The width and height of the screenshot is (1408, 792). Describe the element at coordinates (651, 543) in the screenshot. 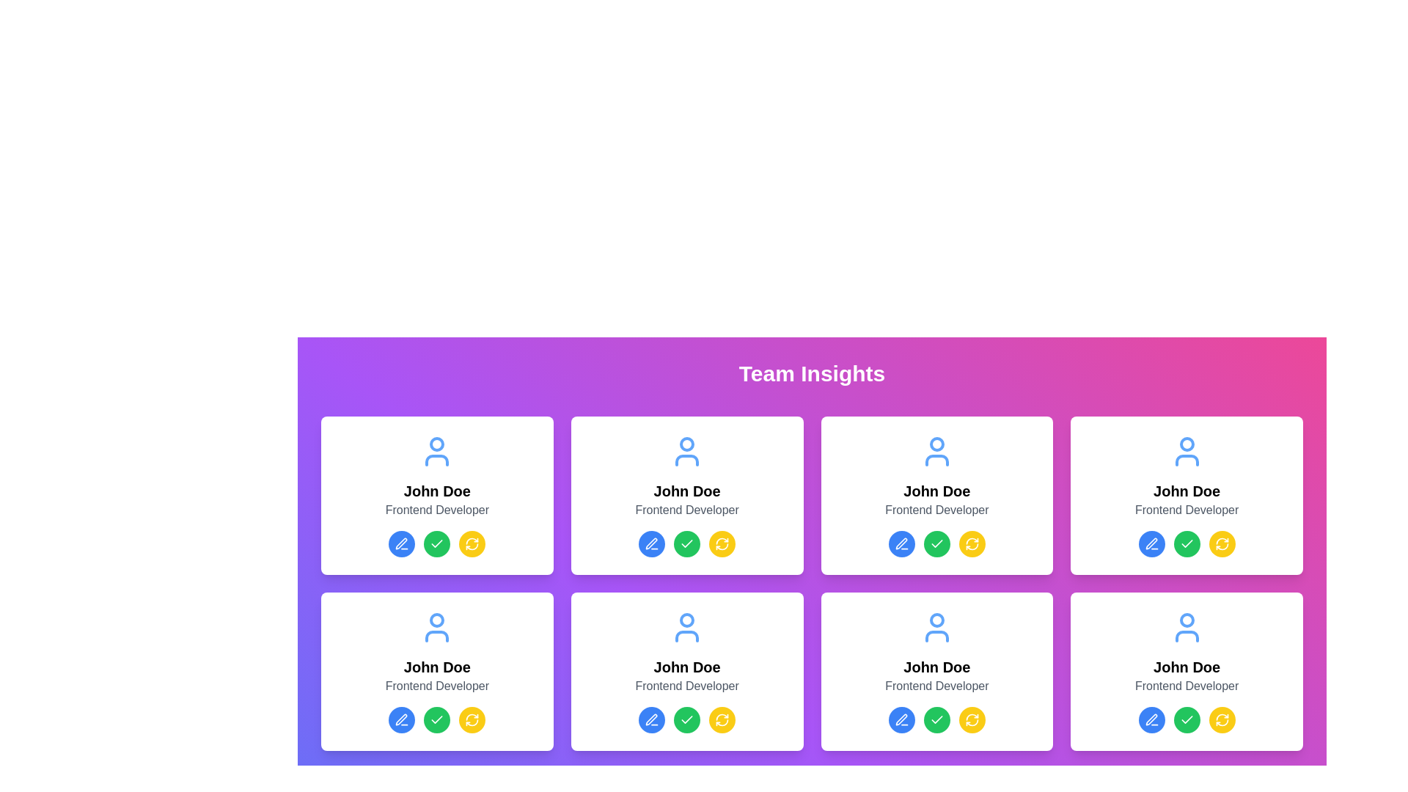

I see `the blue circular button with a pen icon located in the top-left corner of the first card in the second row, below the 'Team Insights' purple banner to initiate an edit action` at that location.